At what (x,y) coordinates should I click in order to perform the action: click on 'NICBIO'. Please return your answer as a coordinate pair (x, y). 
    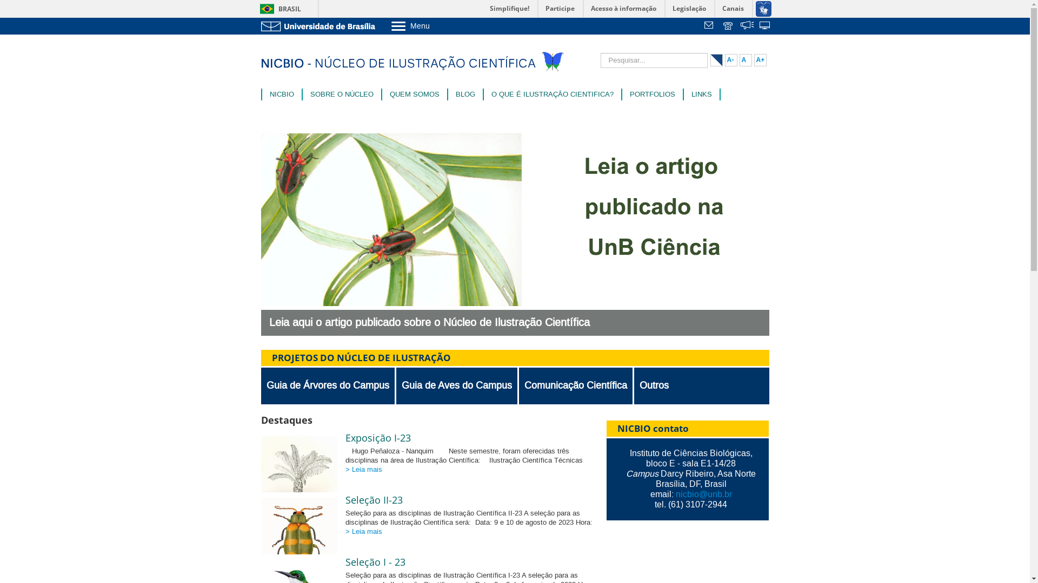
    Looking at the image, I should click on (281, 93).